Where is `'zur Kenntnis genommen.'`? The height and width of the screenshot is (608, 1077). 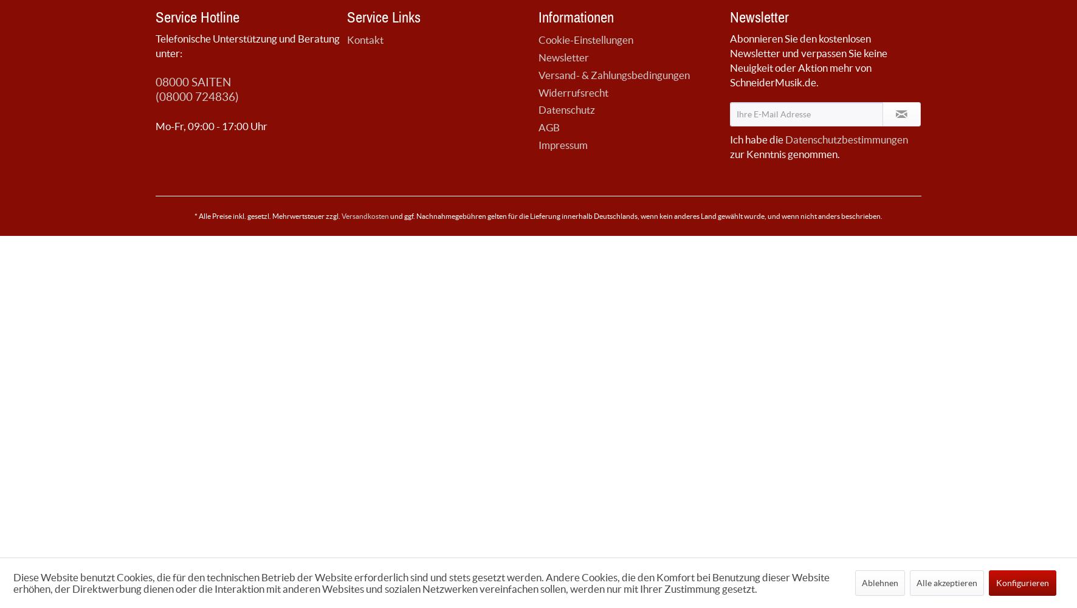
'zur Kenntnis genommen.' is located at coordinates (785, 153).